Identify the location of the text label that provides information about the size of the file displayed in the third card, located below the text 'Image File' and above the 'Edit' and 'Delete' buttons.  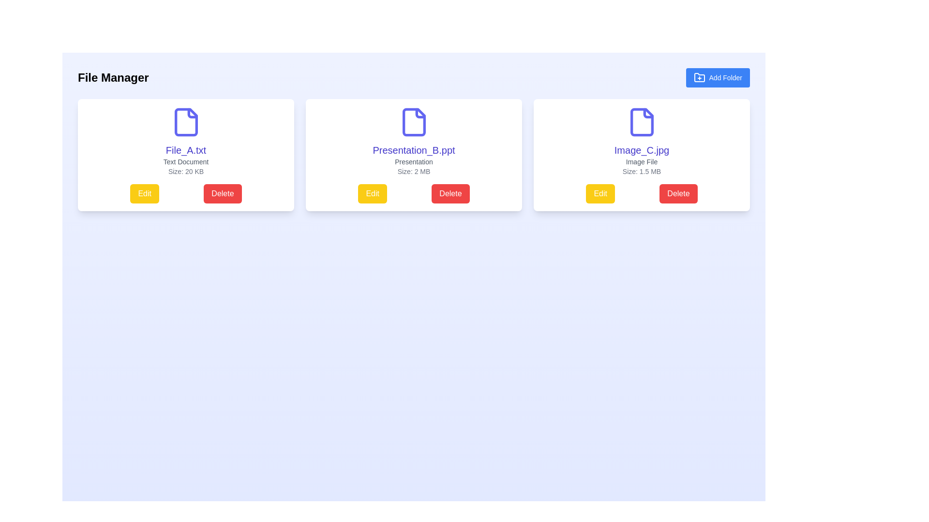
(642, 171).